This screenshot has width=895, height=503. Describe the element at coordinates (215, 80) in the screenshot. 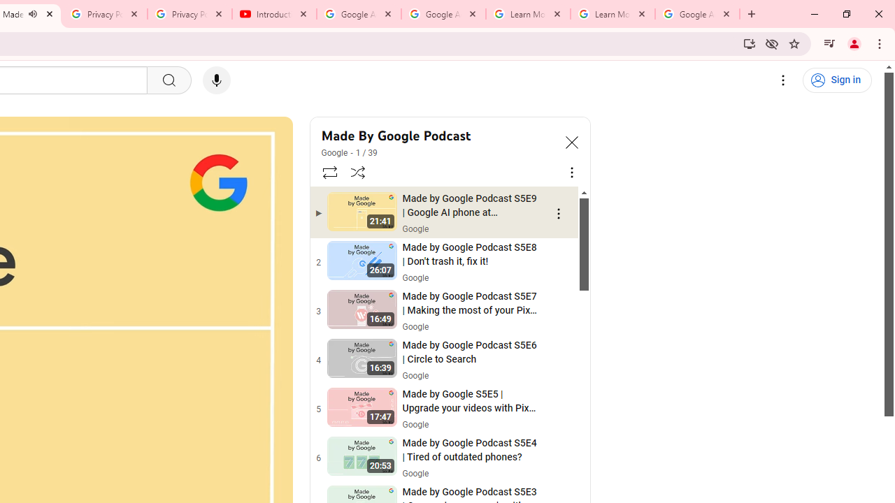

I see `'Search with your voice'` at that location.